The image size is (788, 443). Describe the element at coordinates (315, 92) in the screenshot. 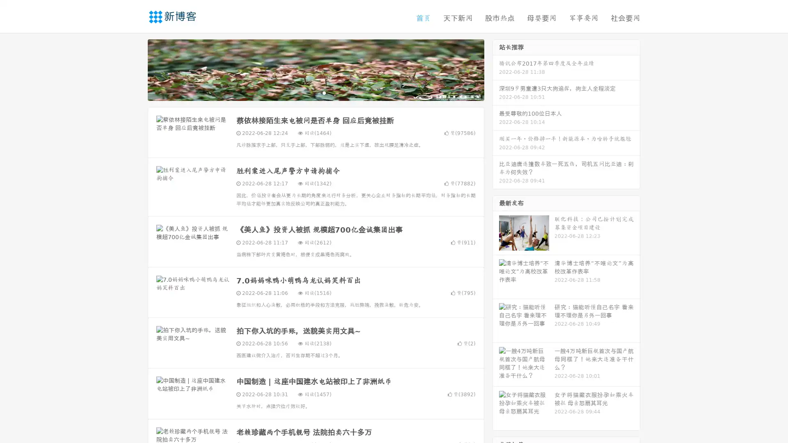

I see `Go to slide 2` at that location.